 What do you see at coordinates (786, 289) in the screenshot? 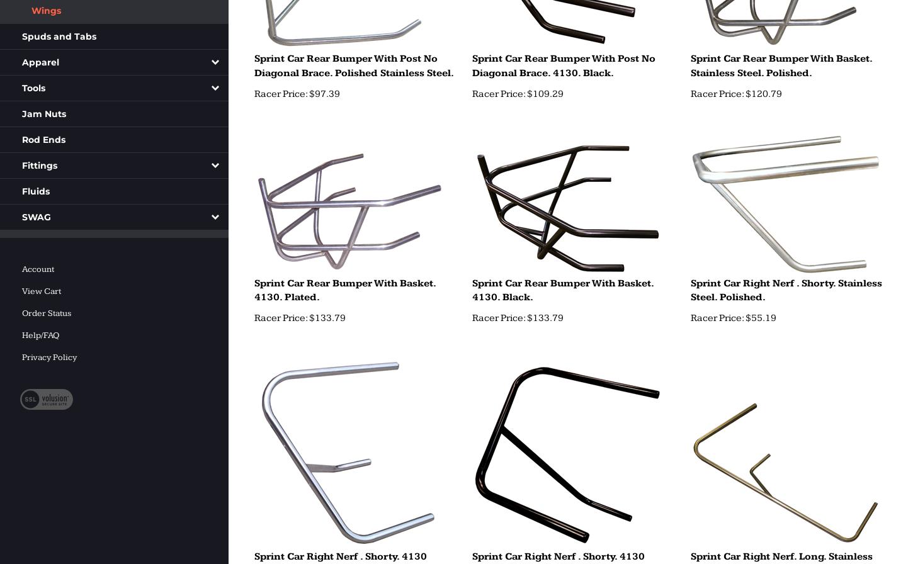
I see `'Sprint Car Right Nerf .  Shorty.  Stainless Steel.  Polished.'` at bounding box center [786, 289].